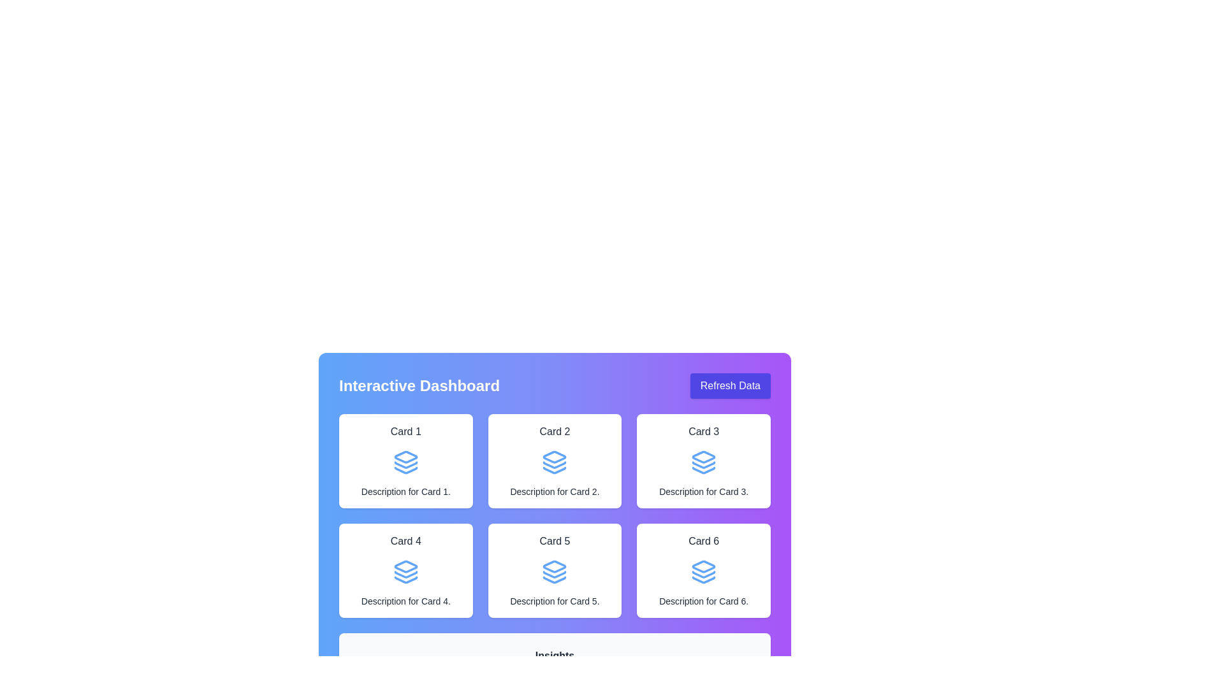 This screenshot has width=1224, height=688. What do you see at coordinates (405, 541) in the screenshot?
I see `text content of the primary title label located at the top center of the fourth card in the grid of six cards on the interactive dashboard` at bounding box center [405, 541].